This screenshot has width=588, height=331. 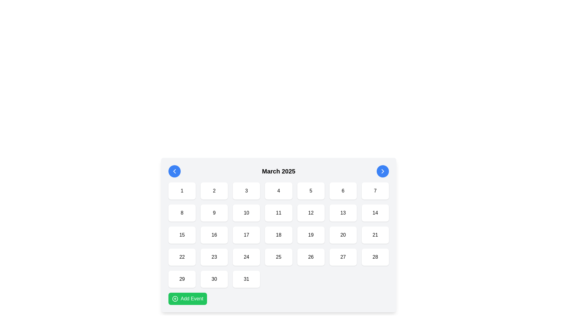 I want to click on the square button with a white background and the number '4' in black text, which is the fourth button in the first row of the grid layout below the title 'March 2025', so click(x=278, y=191).